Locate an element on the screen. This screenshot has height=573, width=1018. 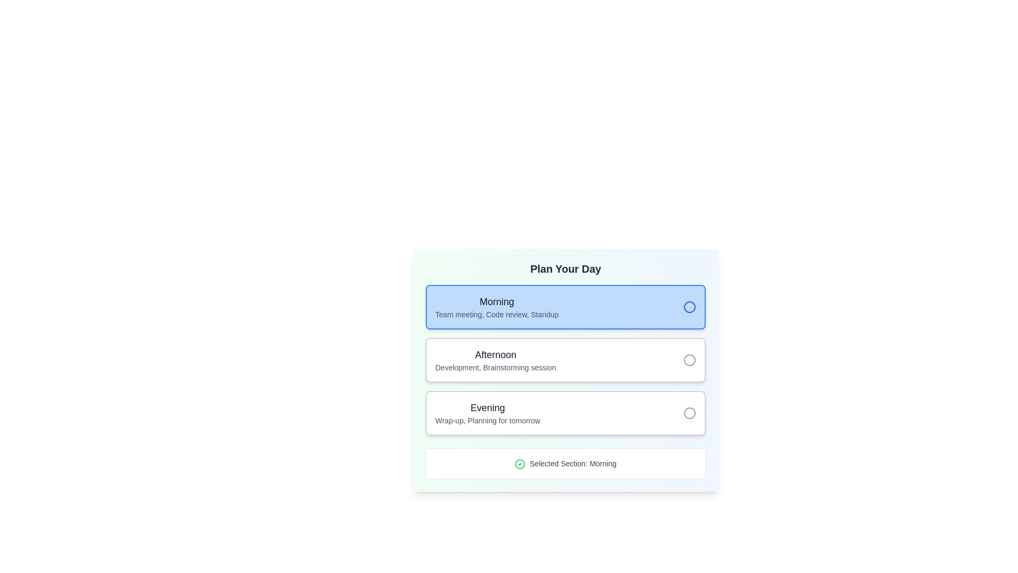
the Text Label that provides additional descriptive information for the 'Evening' section, located beneath the 'Evening' label is located at coordinates (487, 420).